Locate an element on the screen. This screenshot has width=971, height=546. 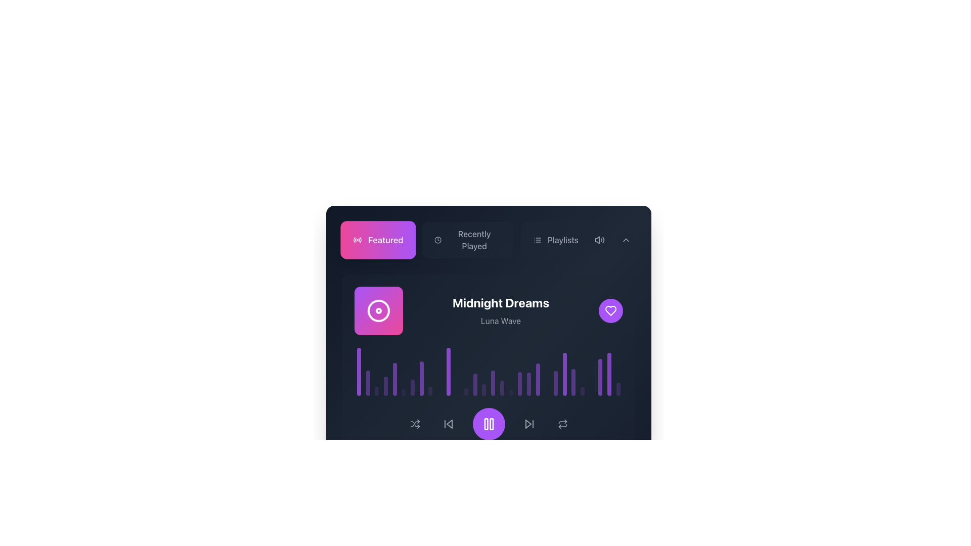
the first visual bar in the horizontal sequence of vertical bars located beneath the 'Midnight Dreams' song title is located at coordinates (359, 372).